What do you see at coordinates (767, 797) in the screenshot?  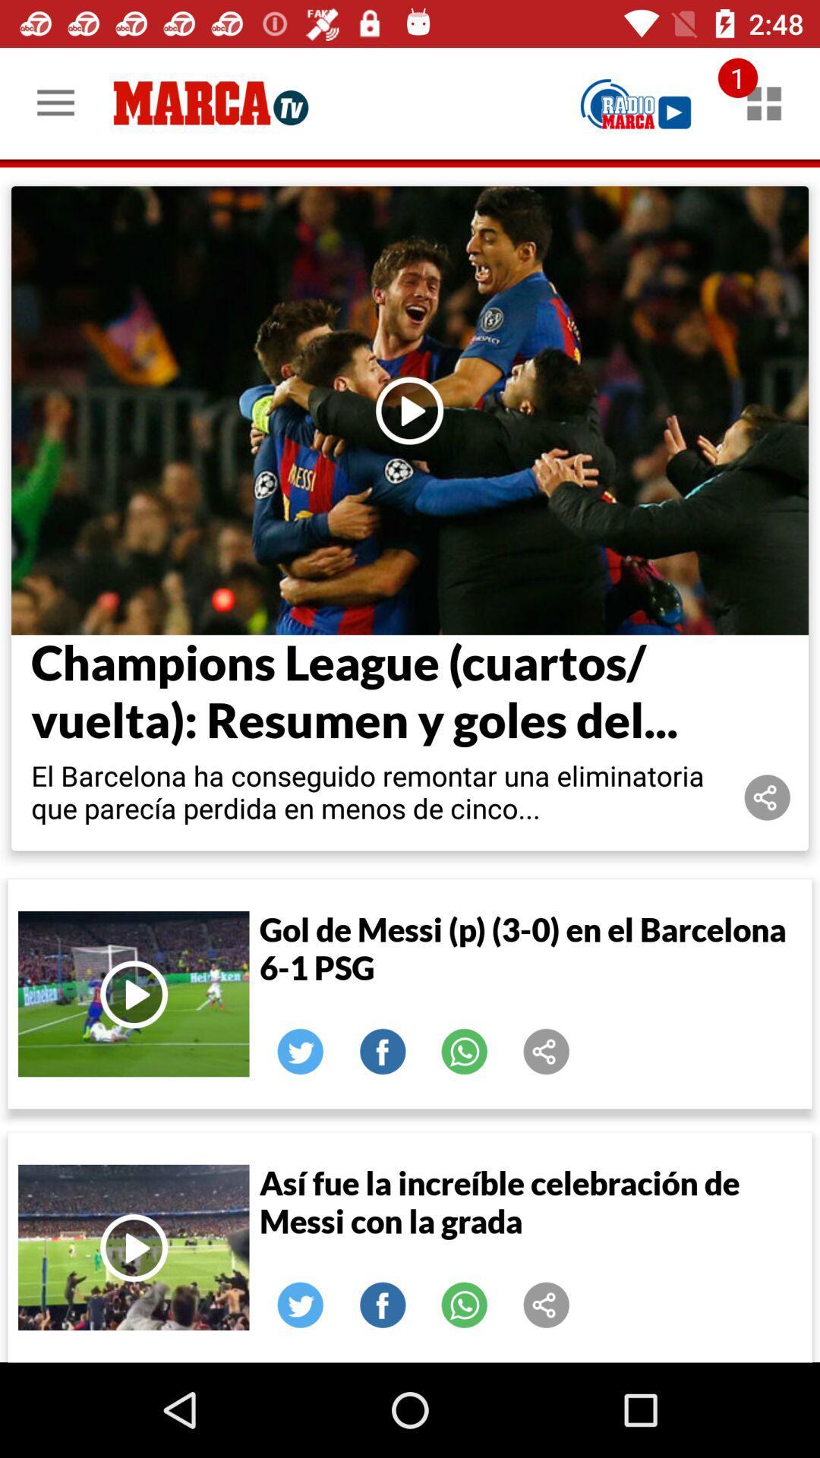 I see `share article` at bounding box center [767, 797].